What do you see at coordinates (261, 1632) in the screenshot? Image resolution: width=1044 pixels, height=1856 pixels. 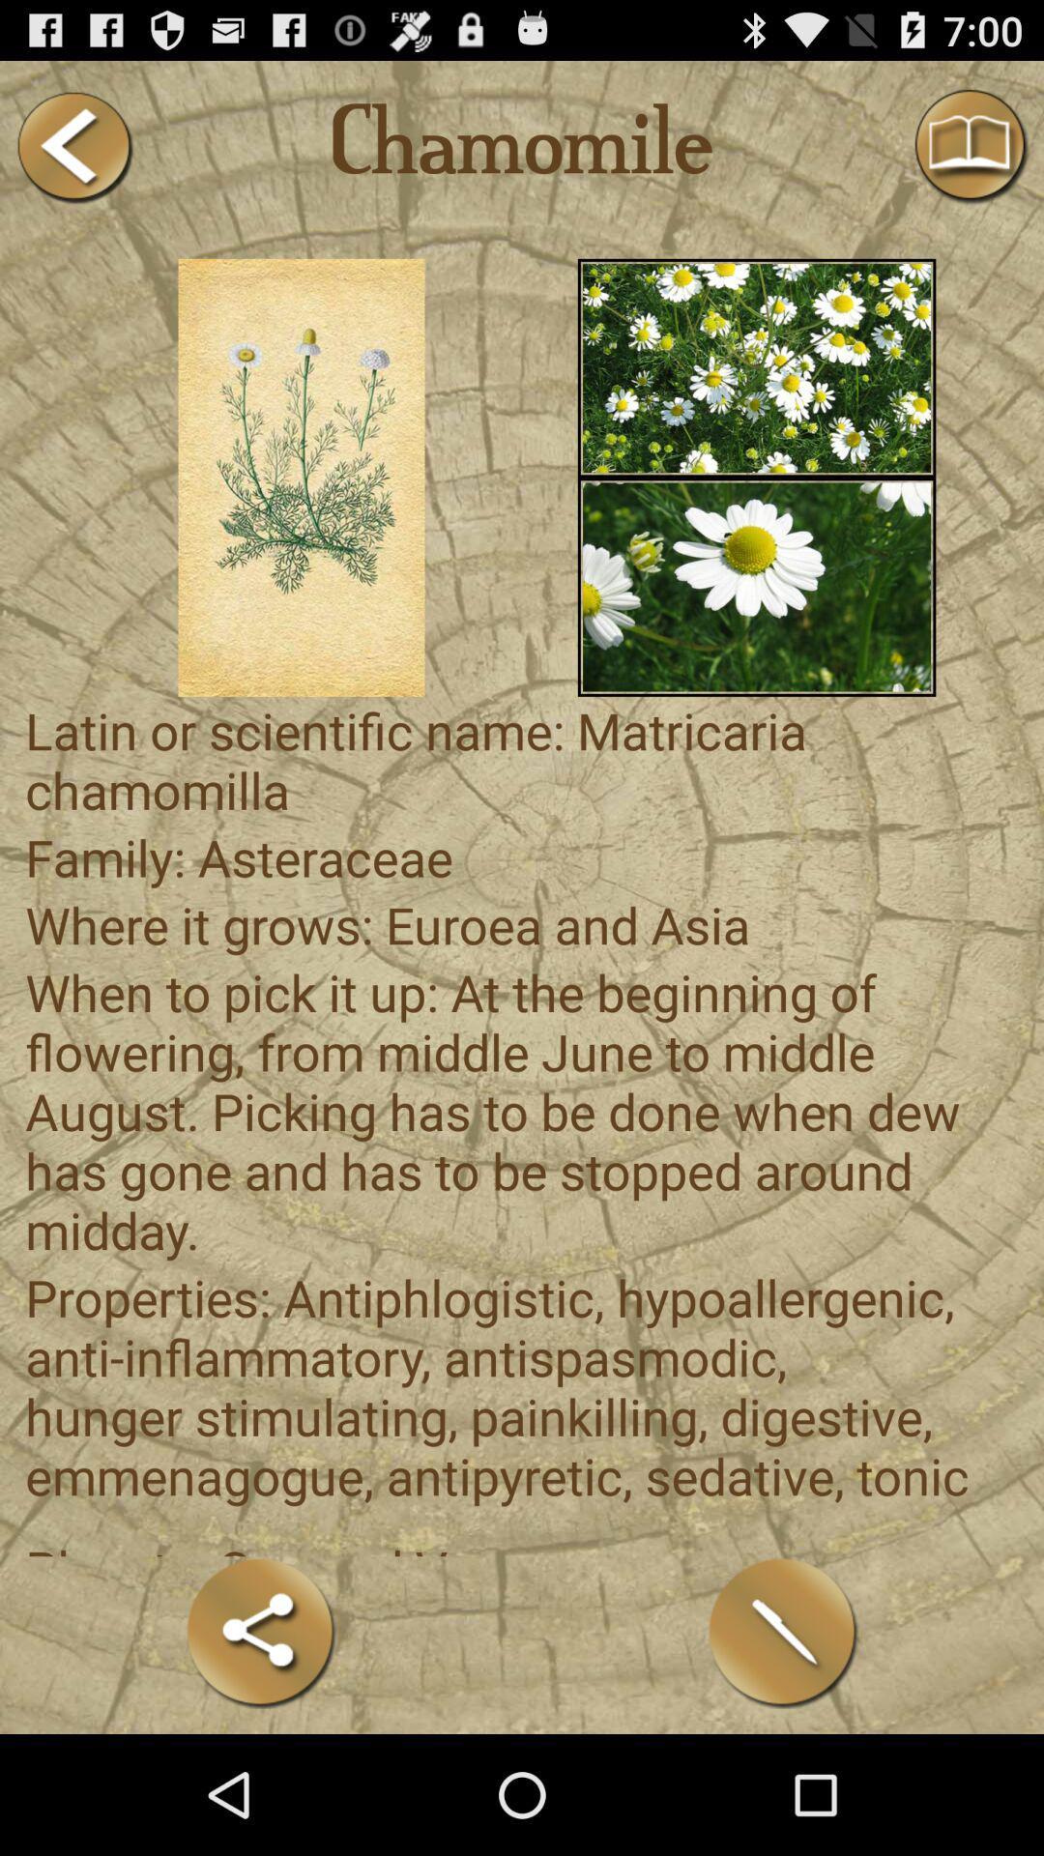 I see `share` at bounding box center [261, 1632].